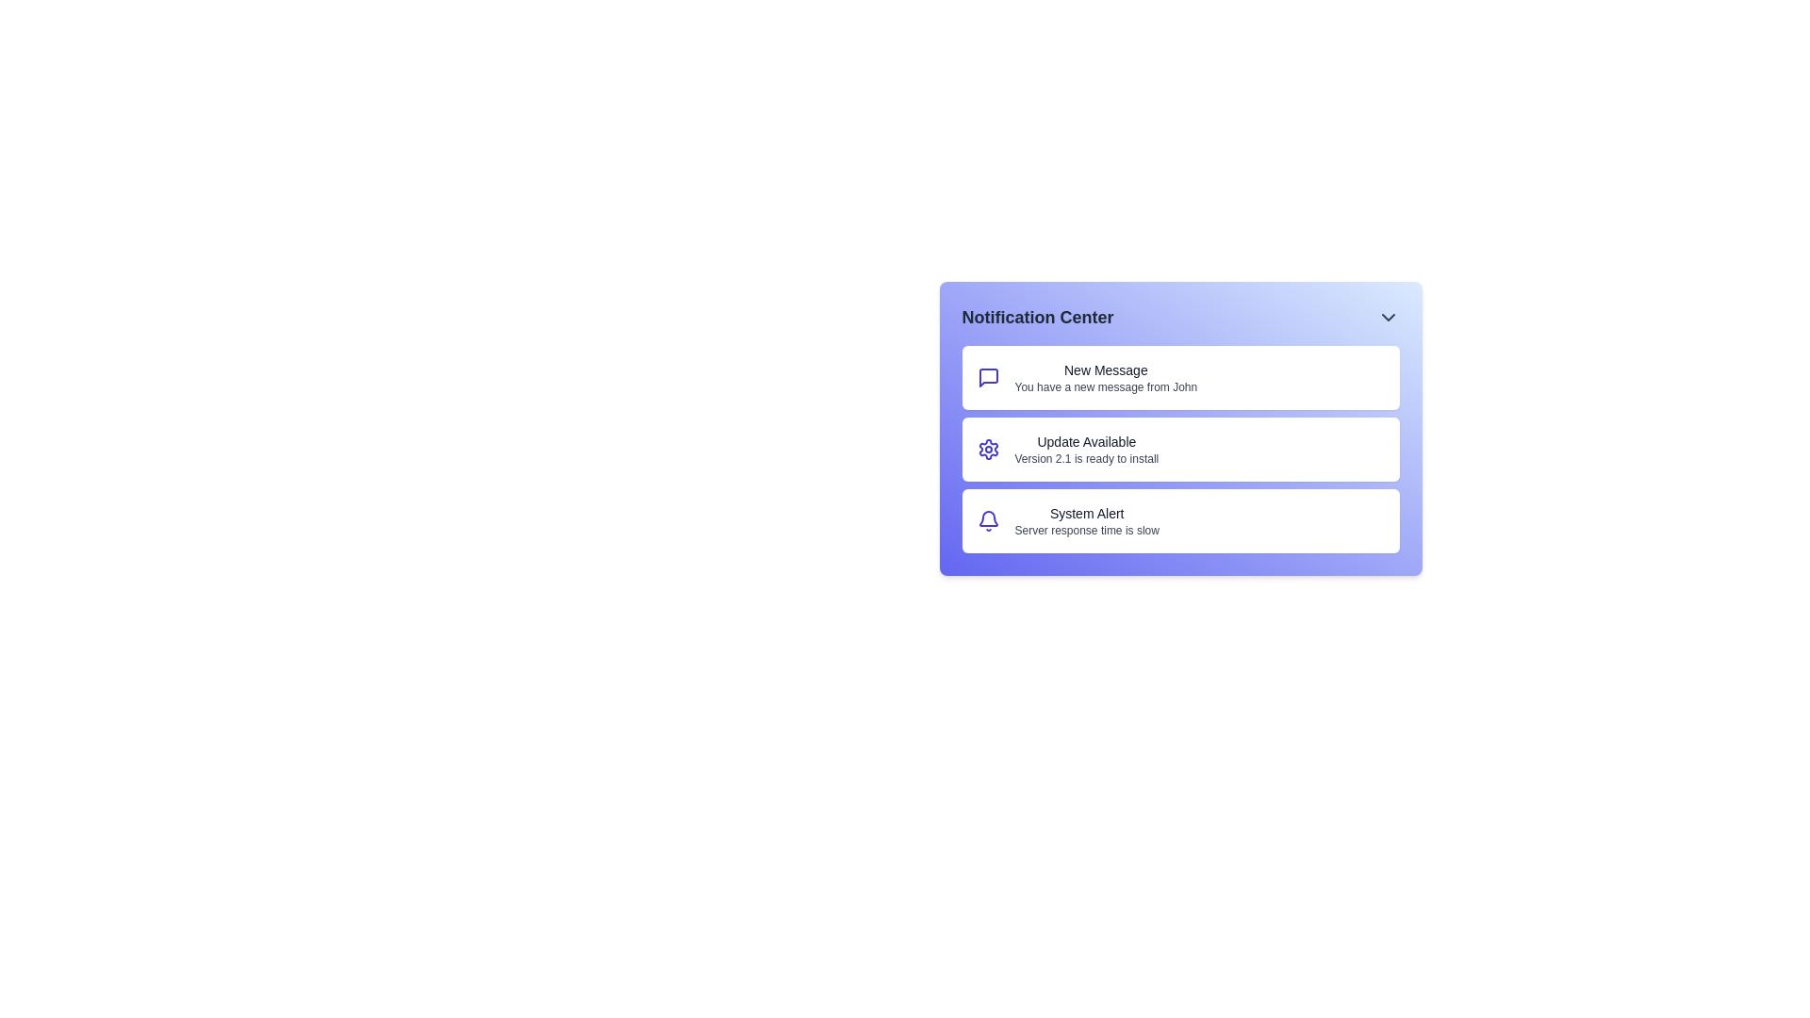 Image resolution: width=1810 pixels, height=1018 pixels. I want to click on the chevron button to toggle the notification center, so click(1388, 316).